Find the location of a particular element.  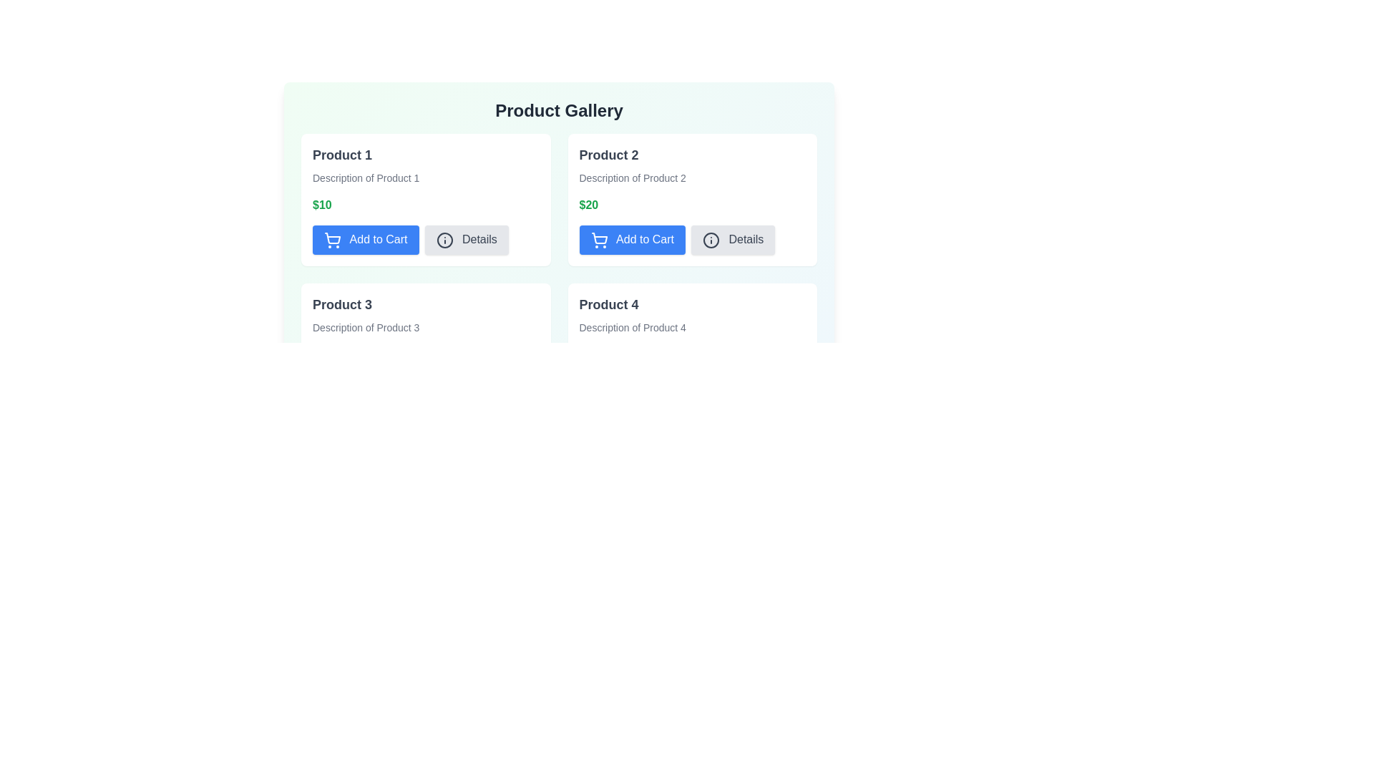

the static text label element displaying 'Description of Product 4', which is located beneath the title 'Product 4' and above the price indicator '$40' in the fourth product card is located at coordinates (632, 327).